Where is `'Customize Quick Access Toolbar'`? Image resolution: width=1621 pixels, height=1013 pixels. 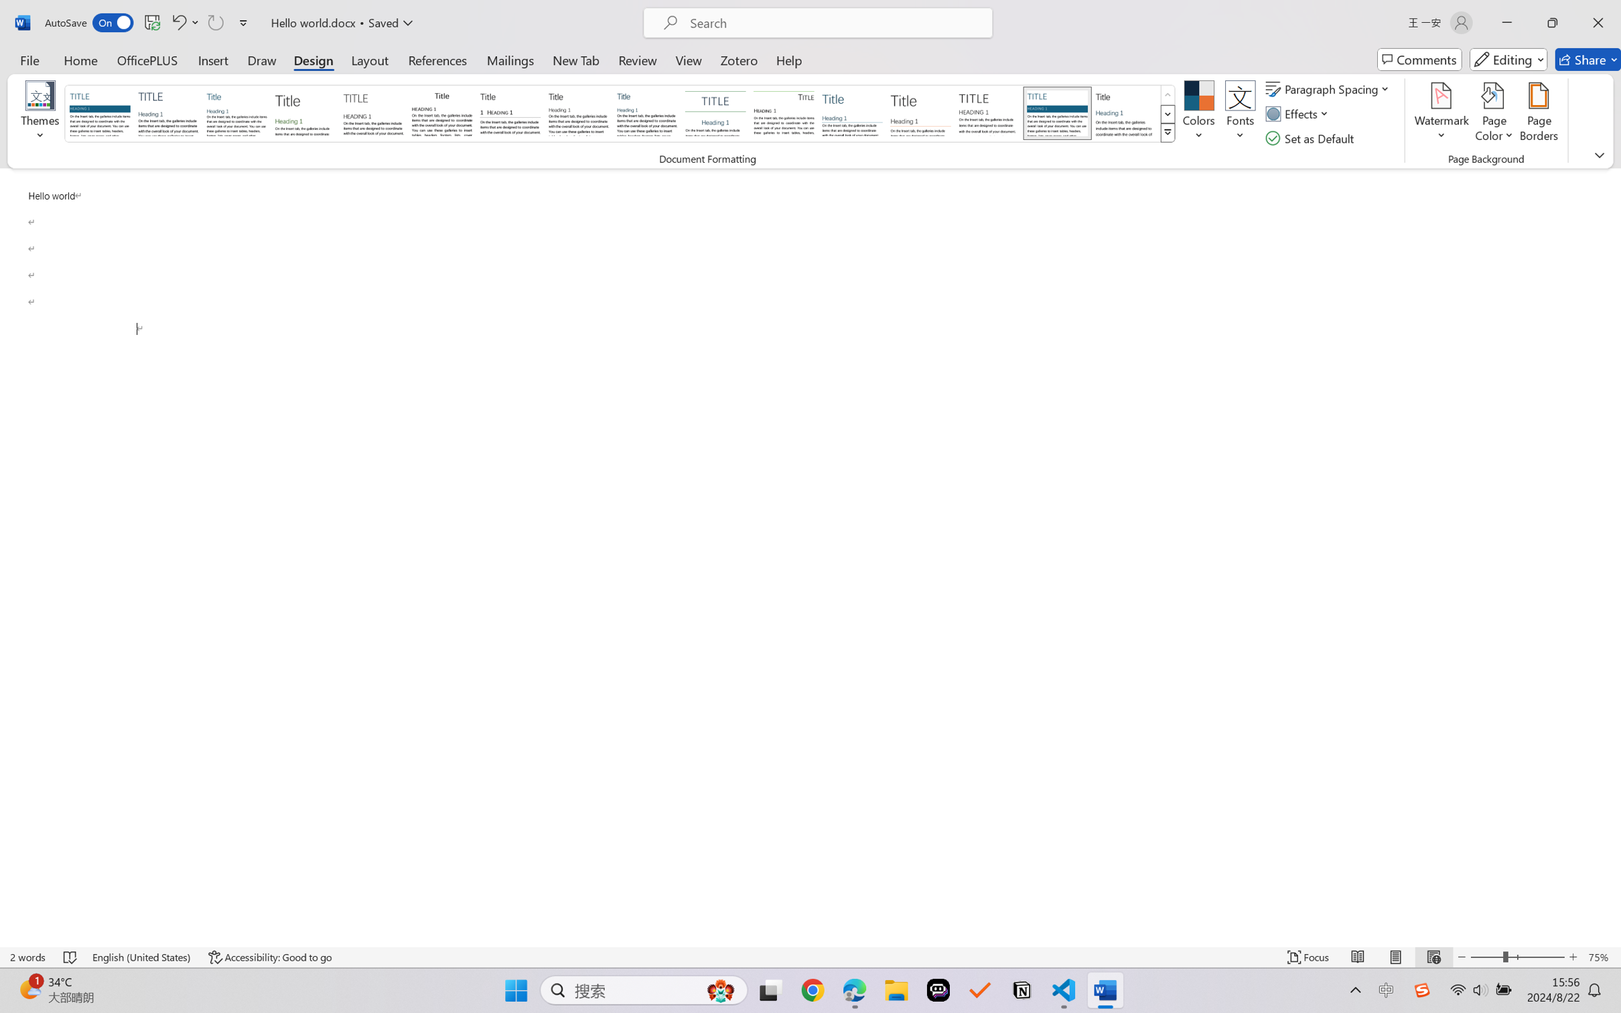 'Customize Quick Access Toolbar' is located at coordinates (243, 22).